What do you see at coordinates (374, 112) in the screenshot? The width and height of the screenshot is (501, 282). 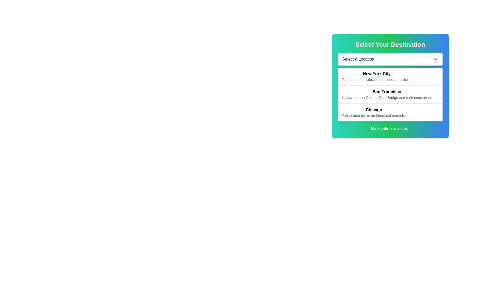 I see `the third list item labeled 'Chicago'` at bounding box center [374, 112].